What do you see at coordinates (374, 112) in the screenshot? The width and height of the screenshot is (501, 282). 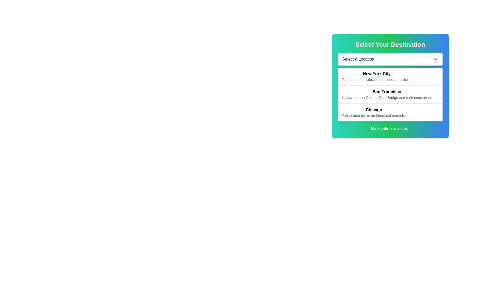 I see `the third list item labeled 'Chicago'` at bounding box center [374, 112].